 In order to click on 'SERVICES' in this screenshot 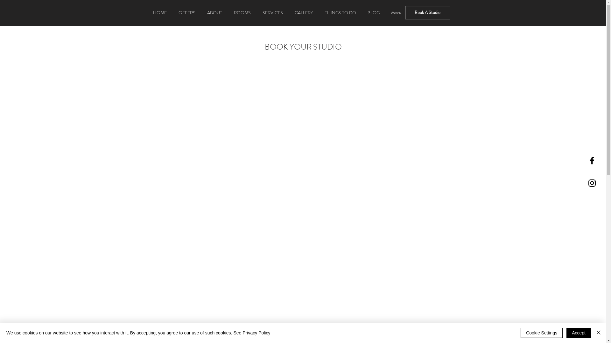, I will do `click(256, 12)`.